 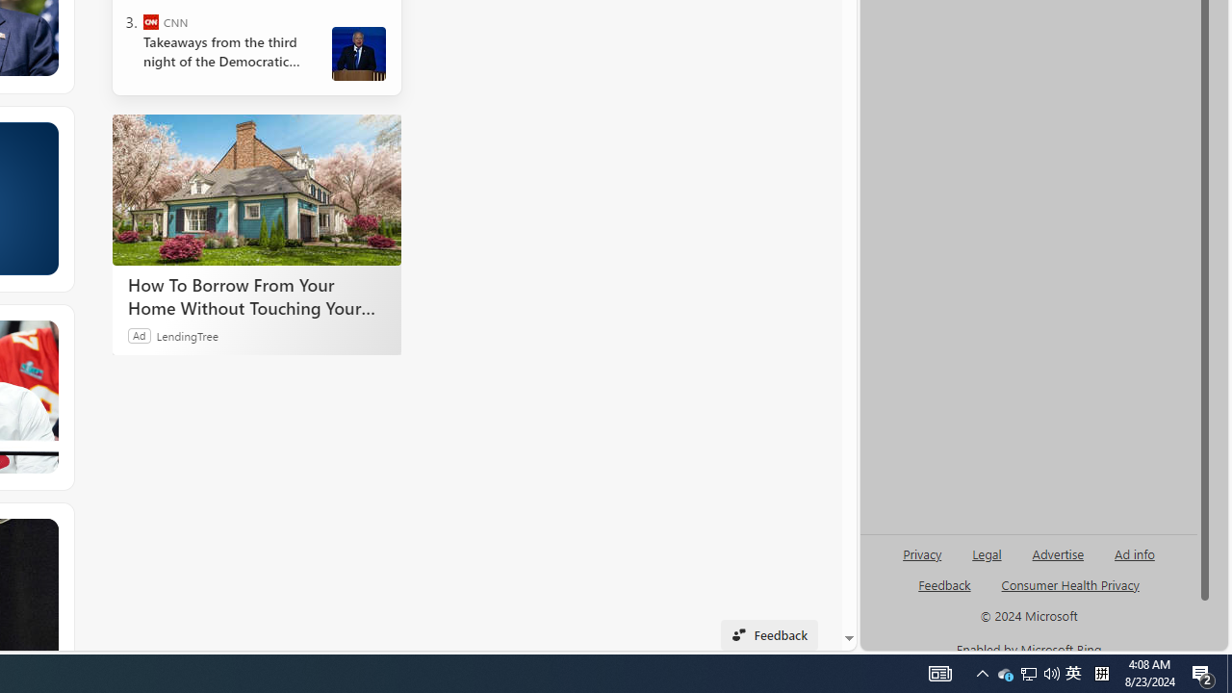 What do you see at coordinates (944, 583) in the screenshot?
I see `'AutomationID: sb_feedback'` at bounding box center [944, 583].